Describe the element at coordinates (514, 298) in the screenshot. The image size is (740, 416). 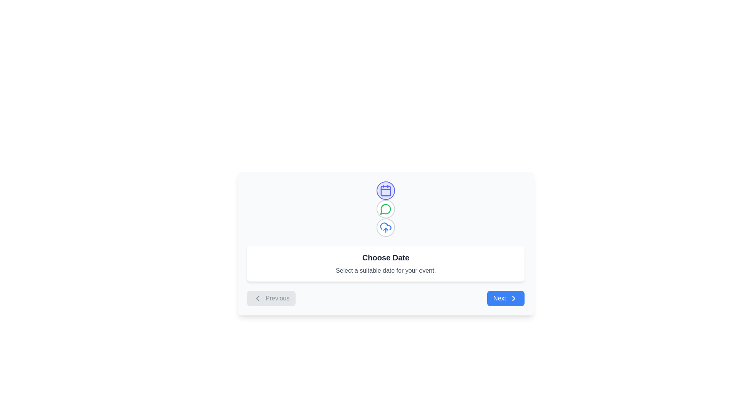
I see `the chevron arrow icon located at the center-right of the blue button labeled 'Next'` at that location.